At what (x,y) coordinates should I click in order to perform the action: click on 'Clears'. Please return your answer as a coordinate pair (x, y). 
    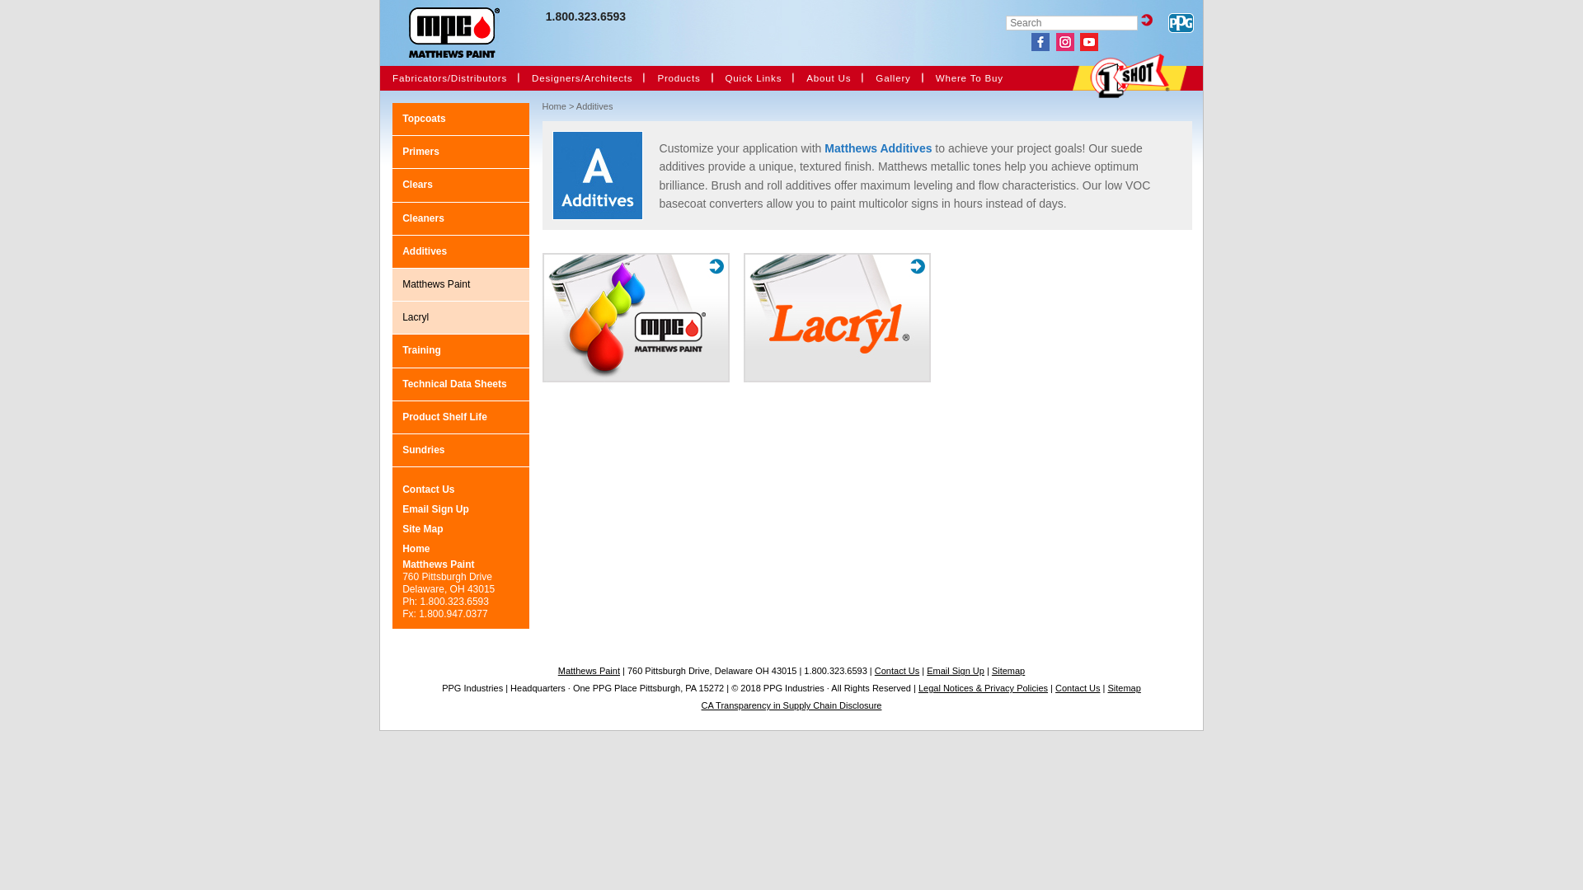
    Looking at the image, I should click on (417, 184).